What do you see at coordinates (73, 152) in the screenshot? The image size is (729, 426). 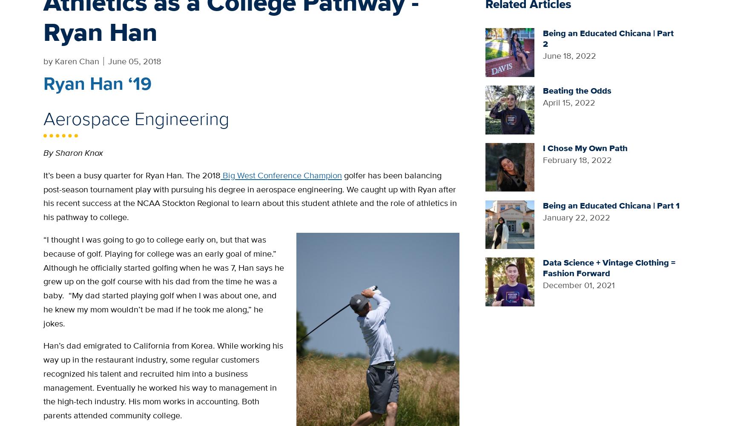 I see `'By Sharon Knox'` at bounding box center [73, 152].